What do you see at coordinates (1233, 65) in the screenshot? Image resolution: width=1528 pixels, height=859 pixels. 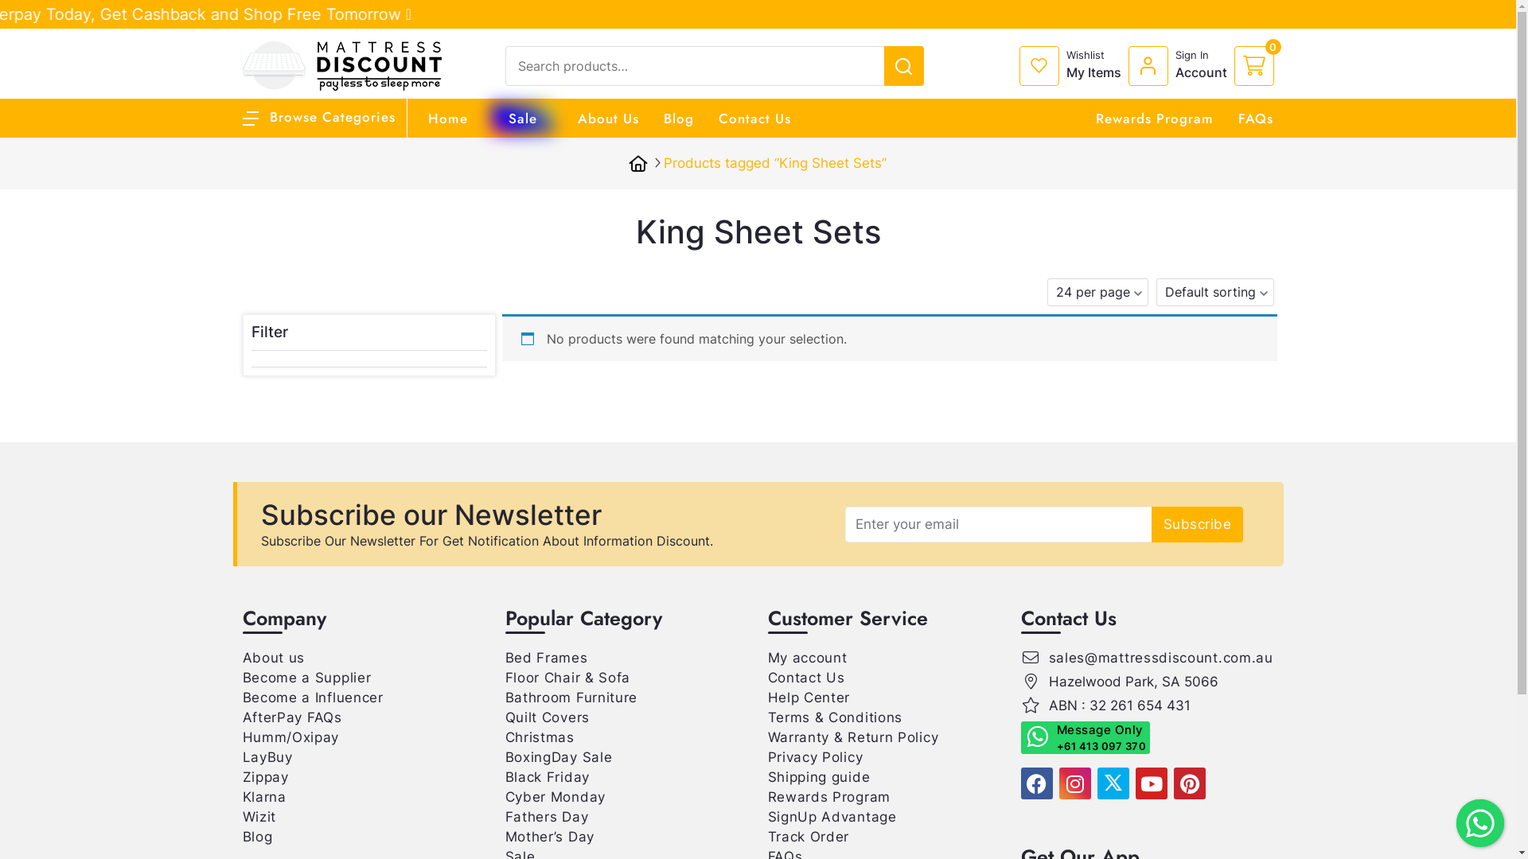 I see `'0'` at bounding box center [1233, 65].